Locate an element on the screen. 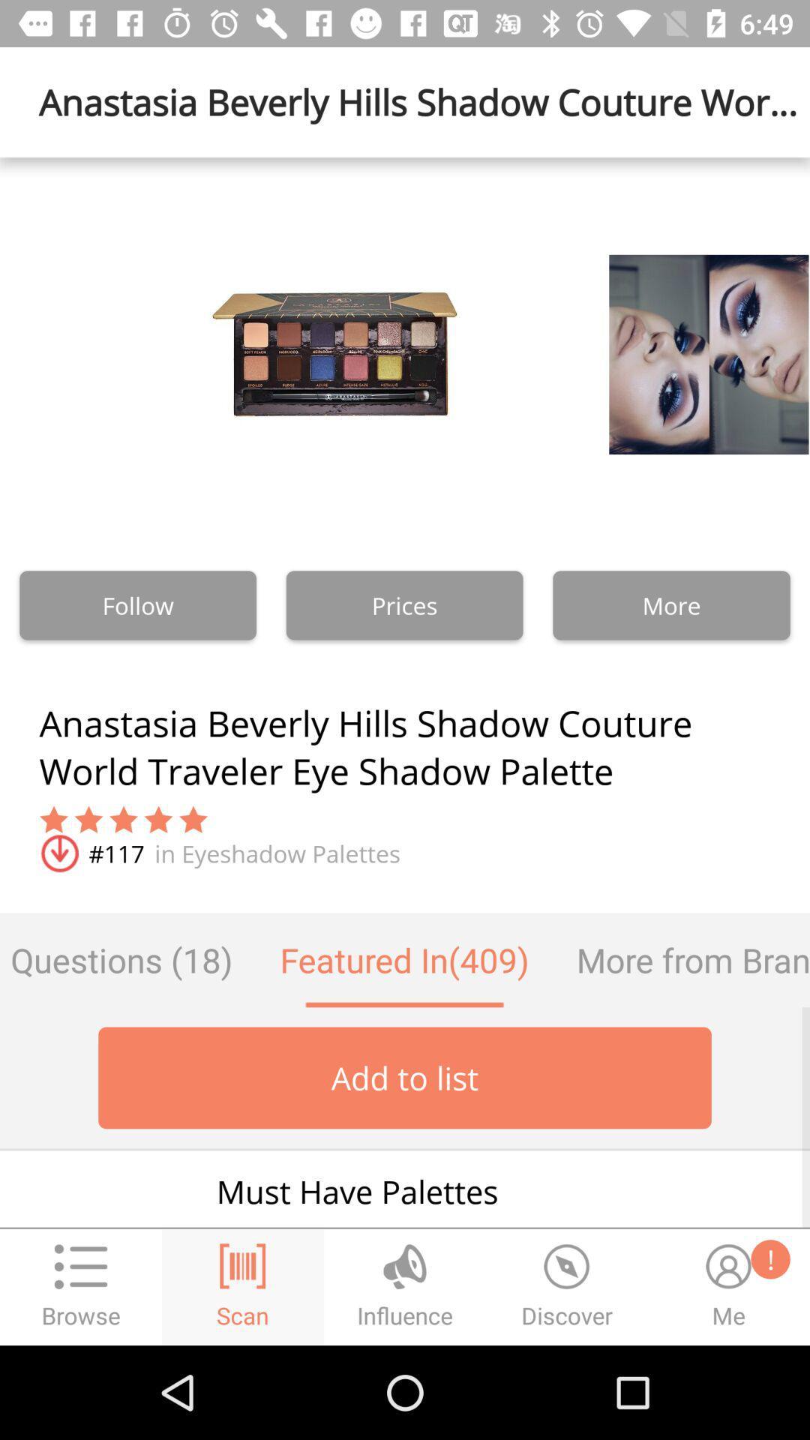 This screenshot has height=1440, width=810. the time icon is located at coordinates (567, 1286).